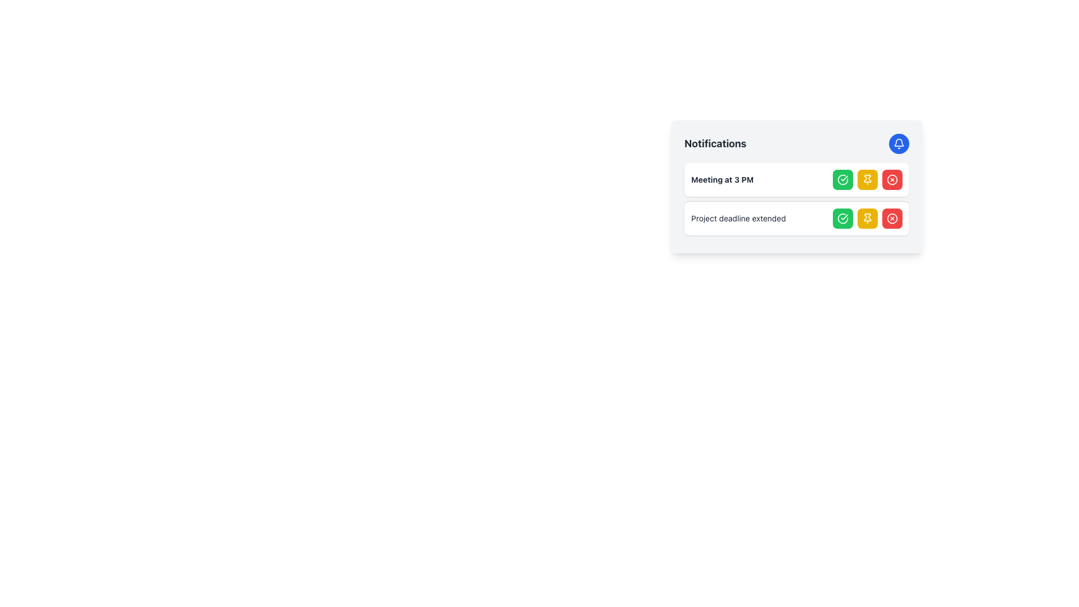  What do you see at coordinates (842, 179) in the screenshot?
I see `the green button with a white checkmark, located to the right of the 'Meeting at 3 PM' notification card` at bounding box center [842, 179].